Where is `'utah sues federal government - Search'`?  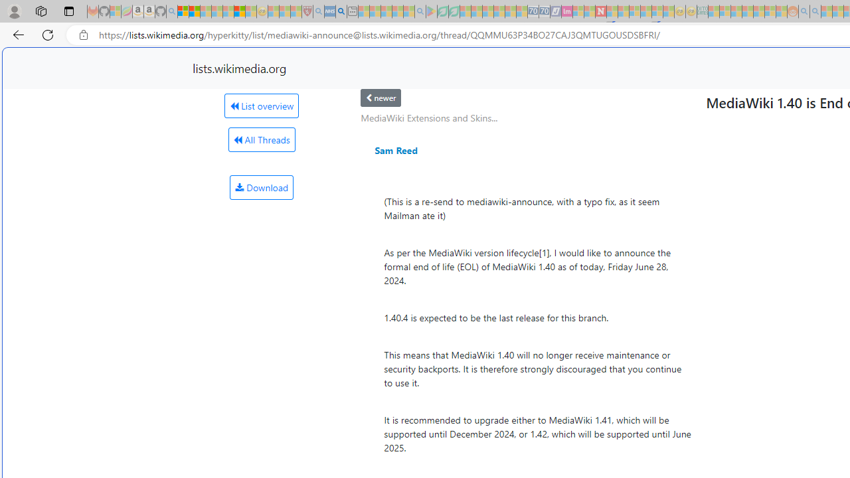 'utah sues federal government - Search' is located at coordinates (341, 11).